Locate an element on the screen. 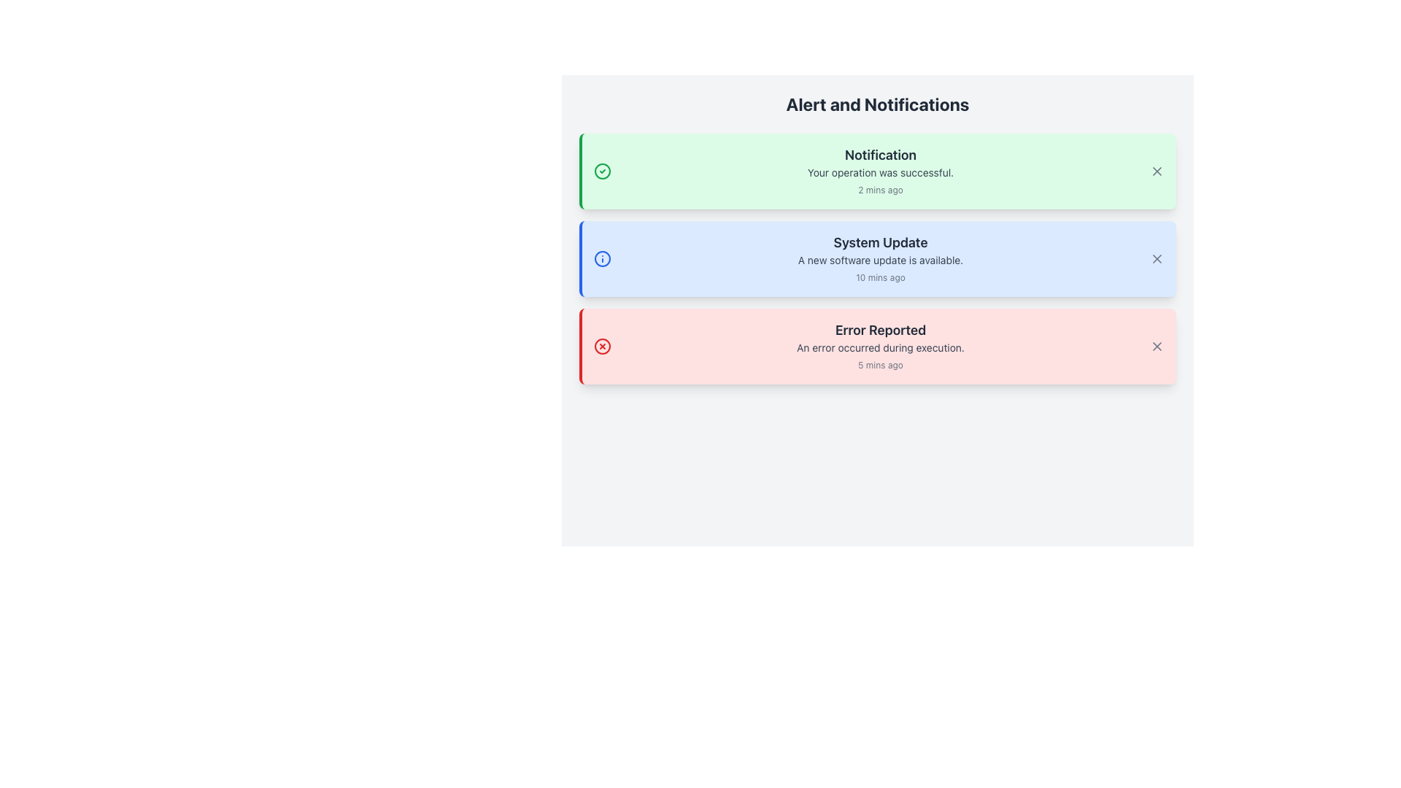  contents of the notification text block that displays 'Notification', 'Your operation was successful.', and '2 mins ago.' is located at coordinates (879, 171).